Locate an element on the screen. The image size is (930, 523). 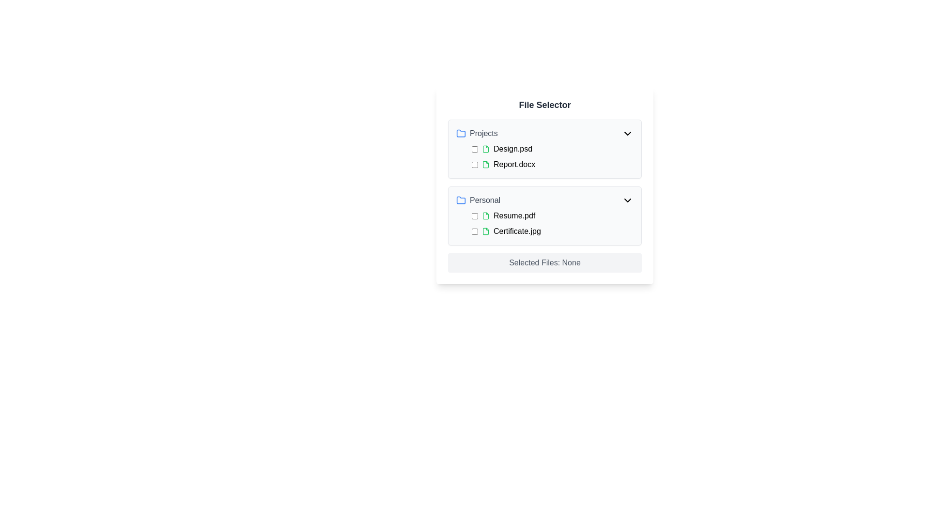
the checkbox located to the left of the file name 'Certificate.jpg' is located at coordinates (475, 231).